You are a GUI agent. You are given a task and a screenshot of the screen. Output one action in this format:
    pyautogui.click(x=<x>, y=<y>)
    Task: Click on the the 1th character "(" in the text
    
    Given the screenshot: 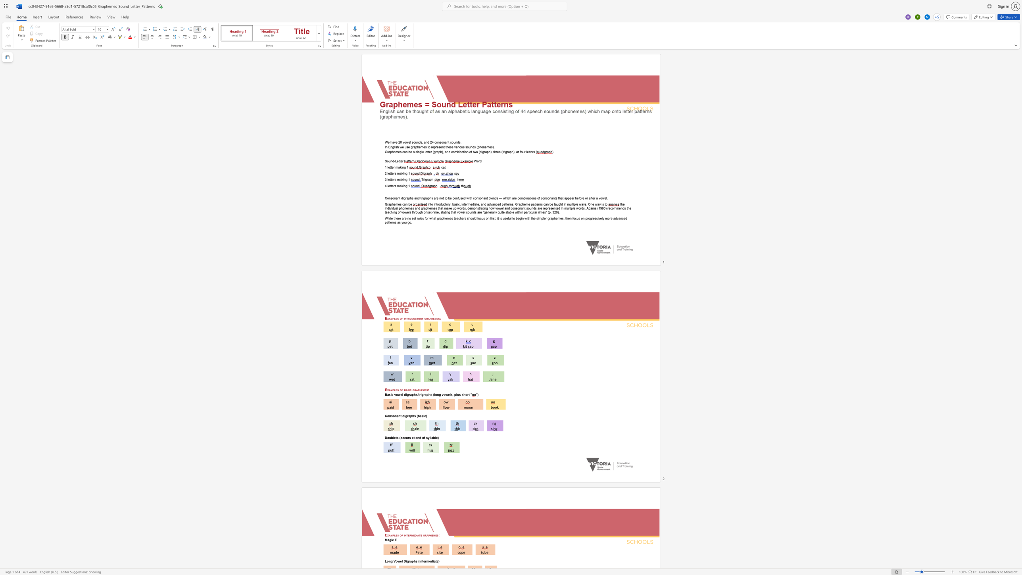 What is the action you would take?
    pyautogui.click(x=417, y=415)
    